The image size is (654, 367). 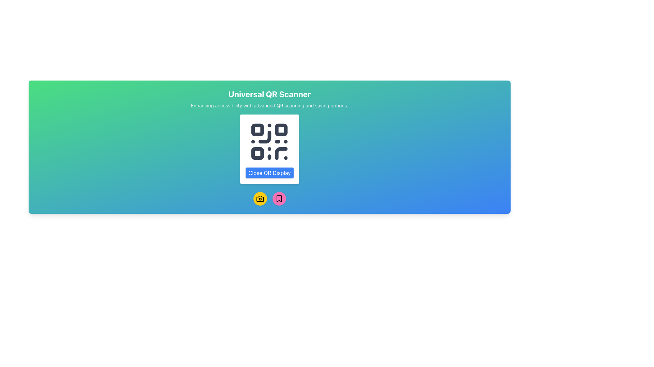 What do you see at coordinates (269, 106) in the screenshot?
I see `the static text that provides information about the Universal QR Scanner application, located below the heading in a larger, bold font` at bounding box center [269, 106].